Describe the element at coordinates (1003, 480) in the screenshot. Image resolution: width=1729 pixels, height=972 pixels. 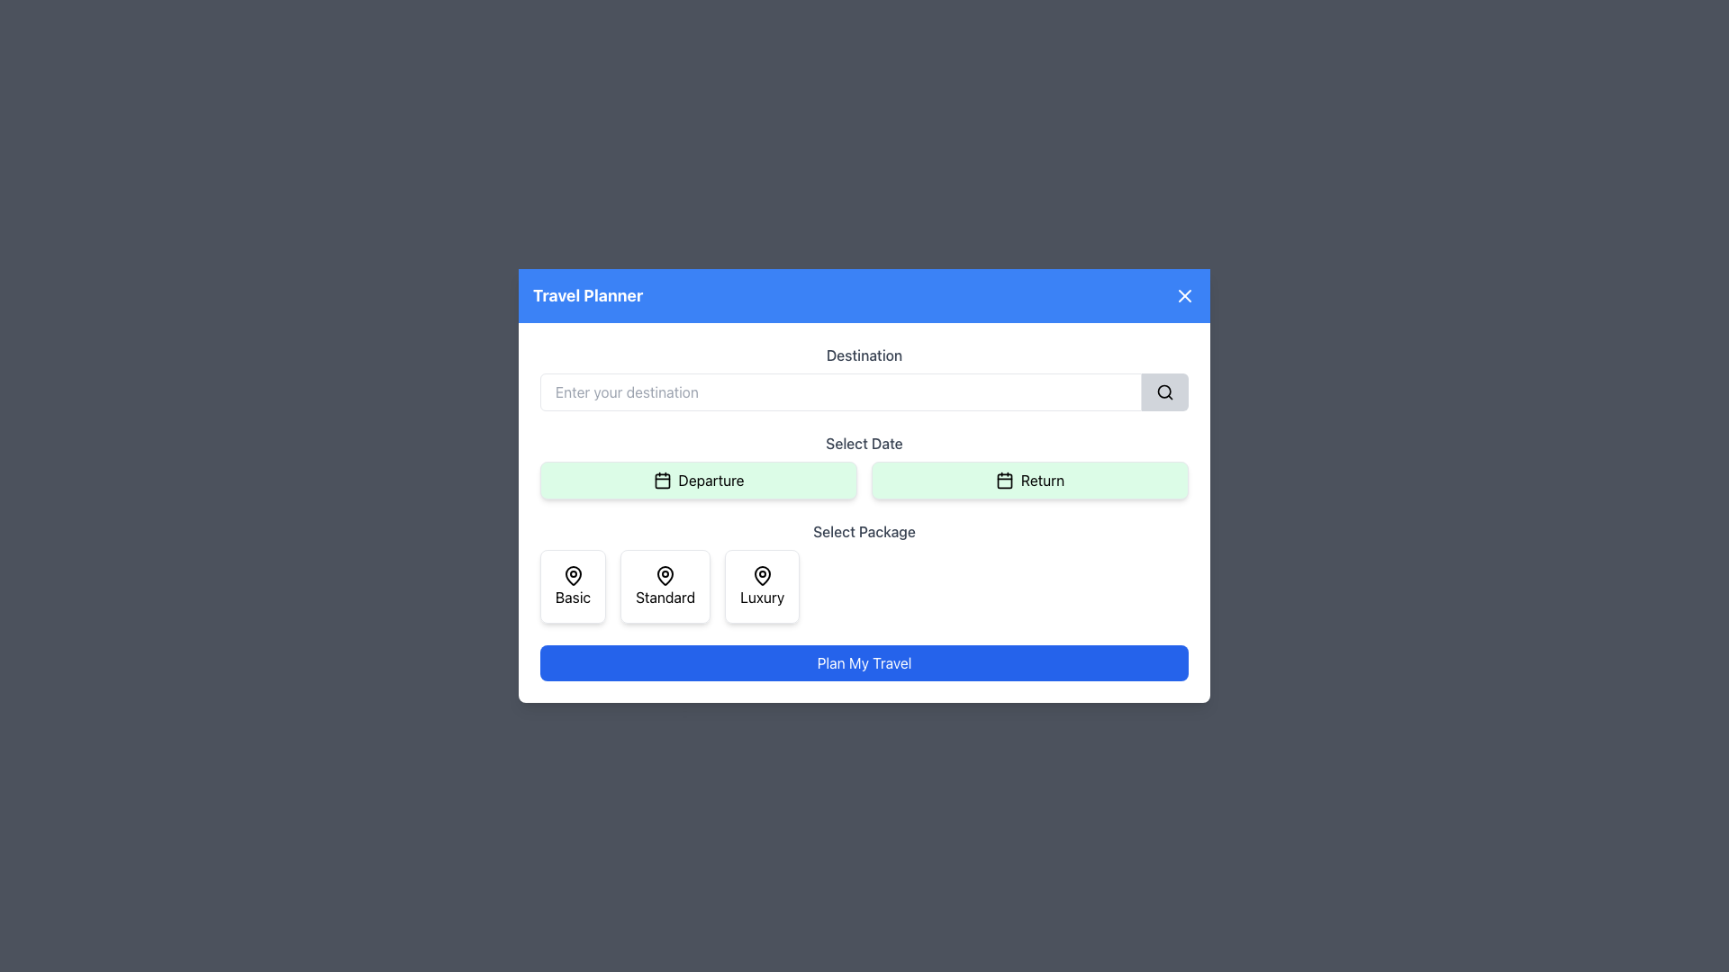
I see `structural graphic element, a rectangular object with rounded corners, within the calendar icon's 'Return' button under the 'Select Date' section` at that location.